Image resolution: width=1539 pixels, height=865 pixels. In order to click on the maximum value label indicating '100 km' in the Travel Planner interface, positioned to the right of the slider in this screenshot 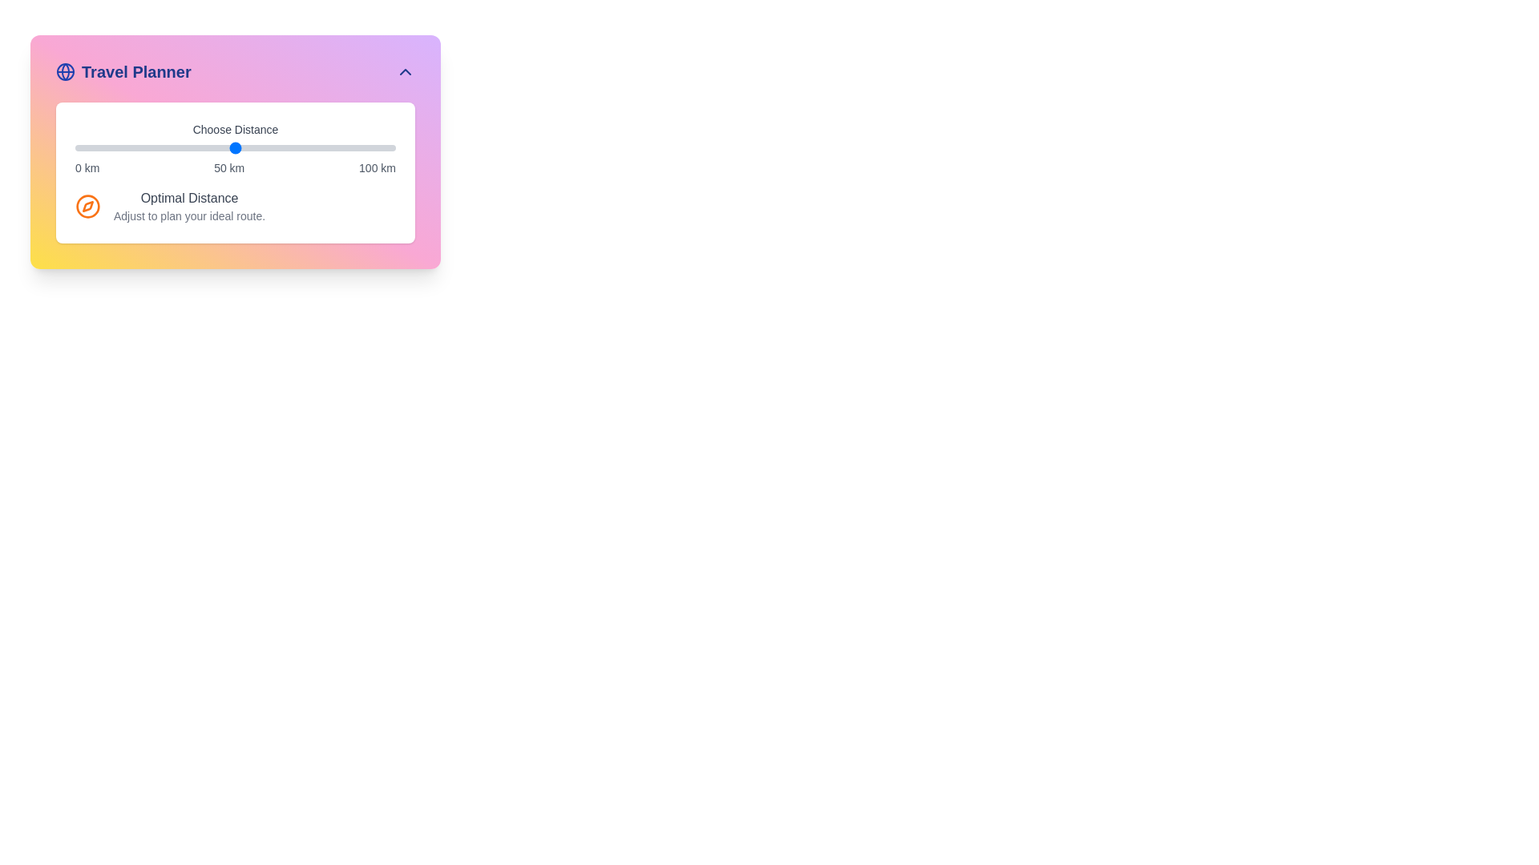, I will do `click(376, 167)`.